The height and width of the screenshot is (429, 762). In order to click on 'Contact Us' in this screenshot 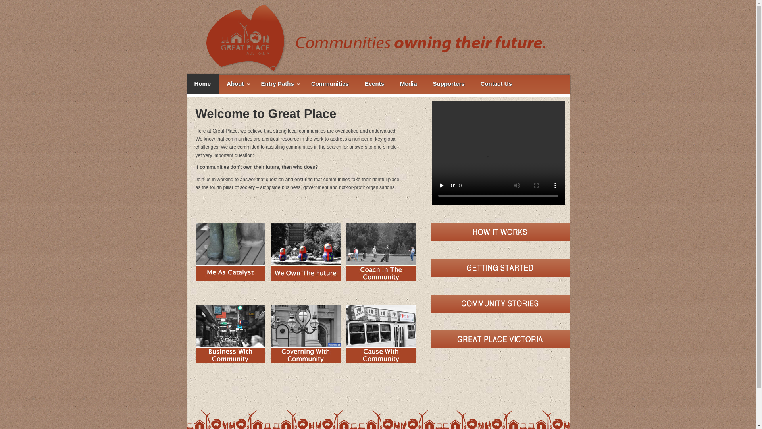, I will do `click(496, 84)`.